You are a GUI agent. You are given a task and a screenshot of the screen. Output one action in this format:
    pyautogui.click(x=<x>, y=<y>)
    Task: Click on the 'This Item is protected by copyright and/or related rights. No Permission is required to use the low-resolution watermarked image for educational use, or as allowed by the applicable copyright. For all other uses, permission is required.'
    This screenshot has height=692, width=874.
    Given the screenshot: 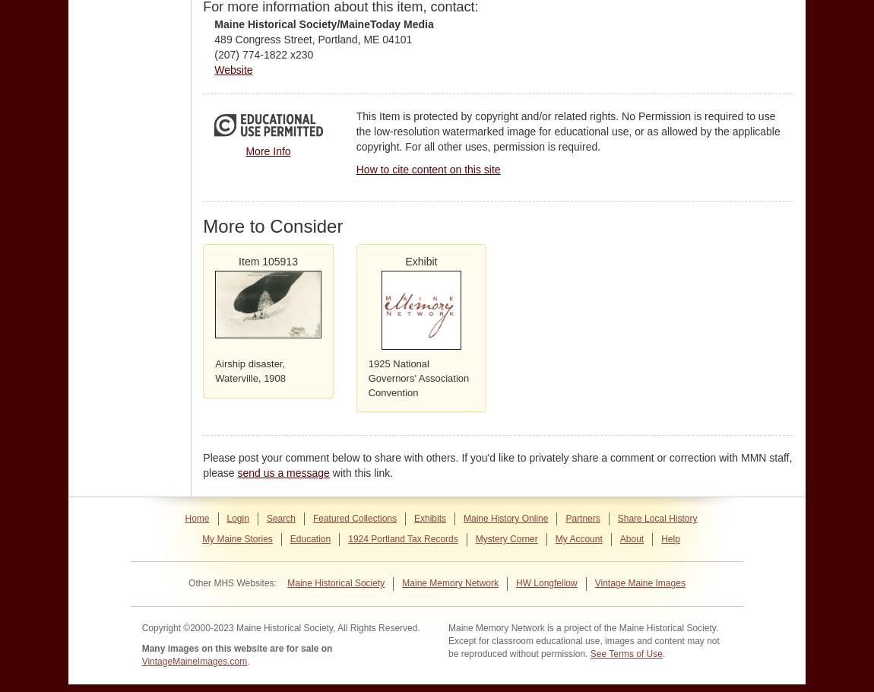 What is the action you would take?
    pyautogui.click(x=356, y=131)
    